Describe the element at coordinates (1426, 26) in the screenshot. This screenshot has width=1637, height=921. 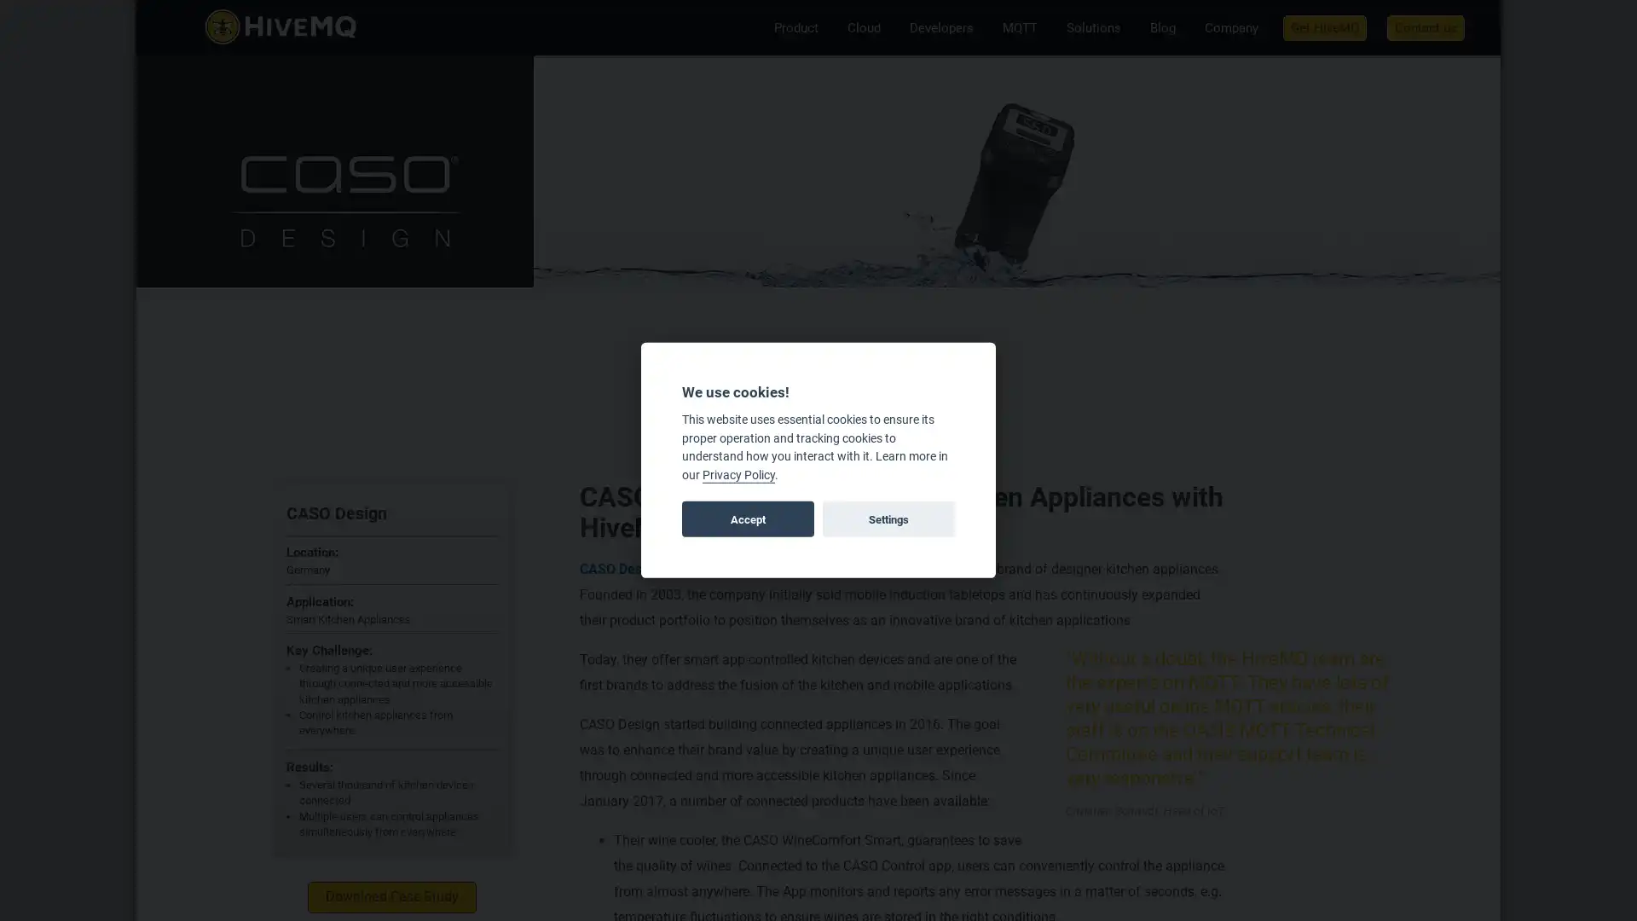
I see `Contact us` at that location.